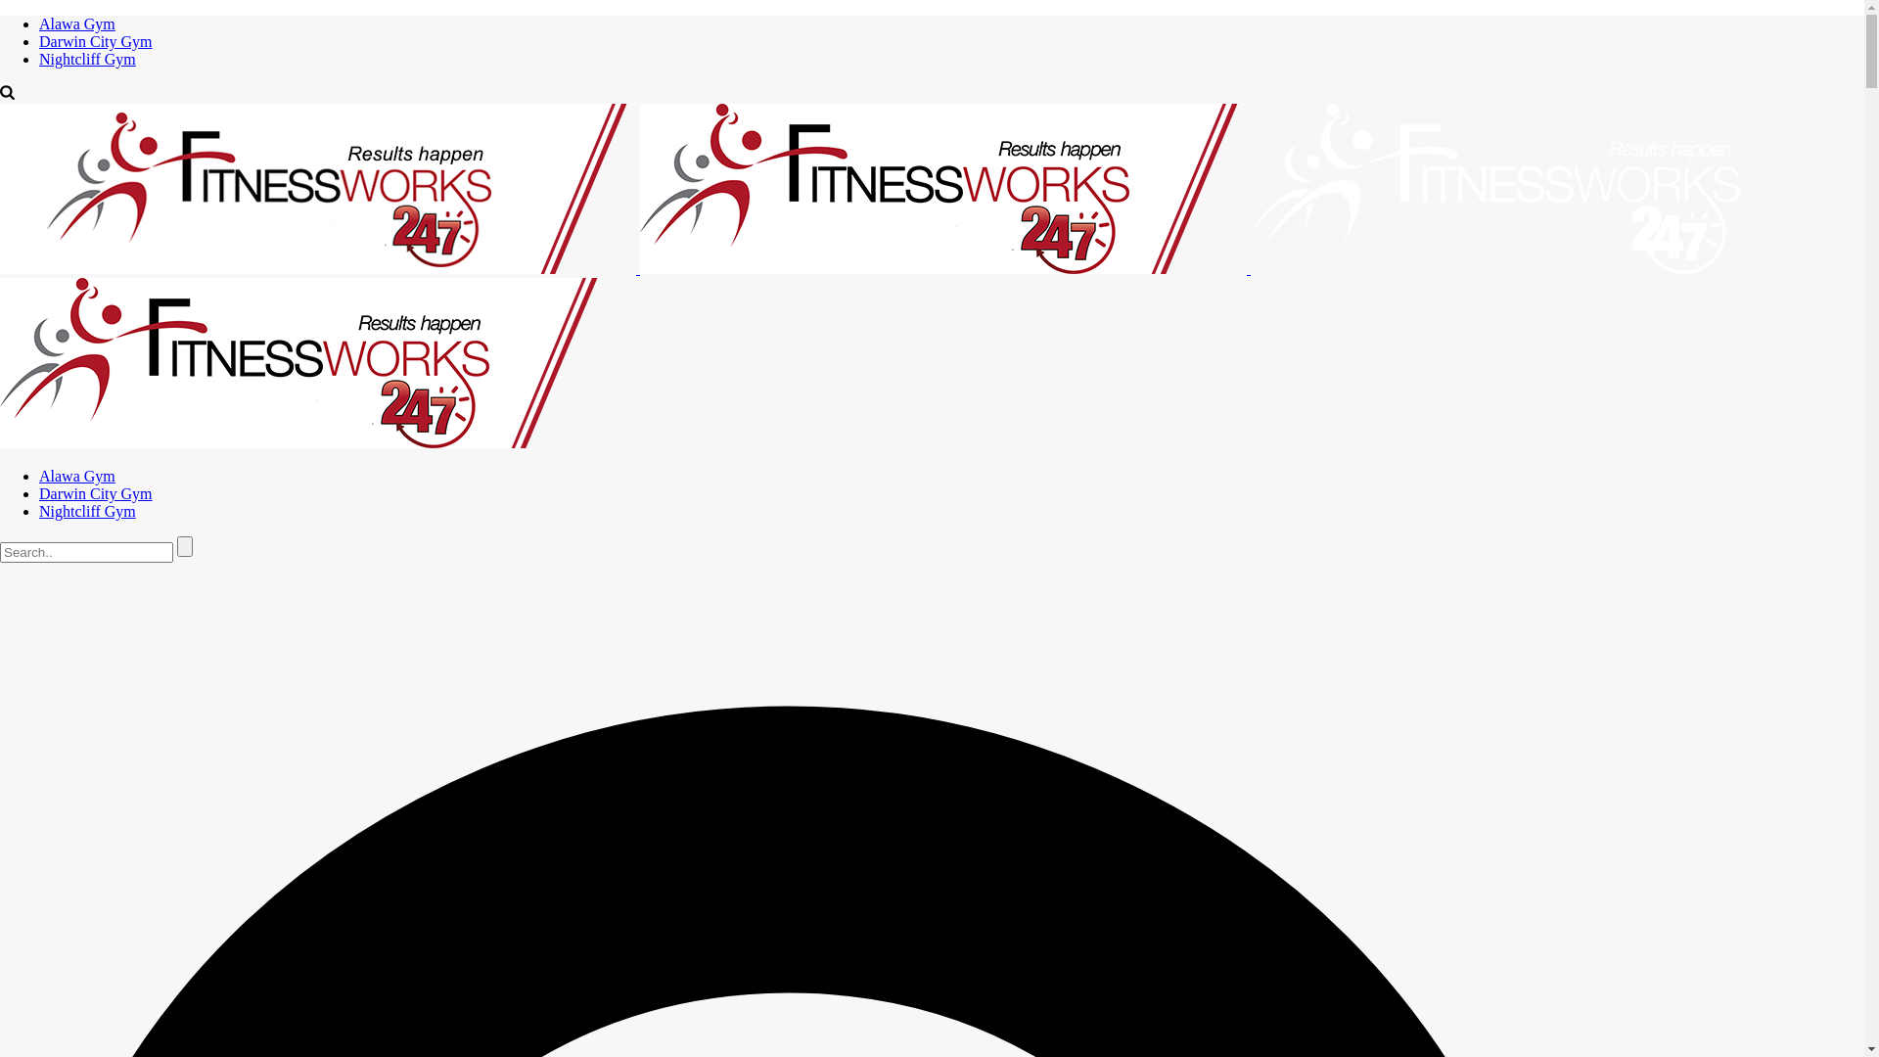 This screenshot has height=1057, width=1879. I want to click on 'Darwin City Gym', so click(94, 492).